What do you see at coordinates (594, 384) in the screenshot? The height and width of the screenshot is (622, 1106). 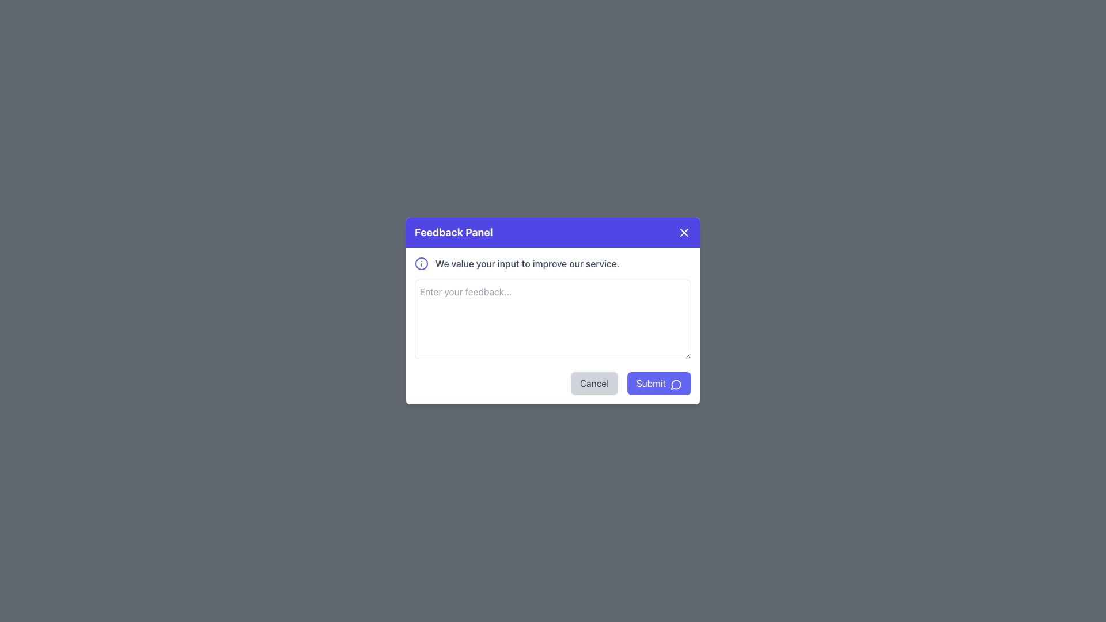 I see `the cancel button located at the bottom-right corner of the feedback panel, positioned to the left of the 'Submit' button` at bounding box center [594, 384].